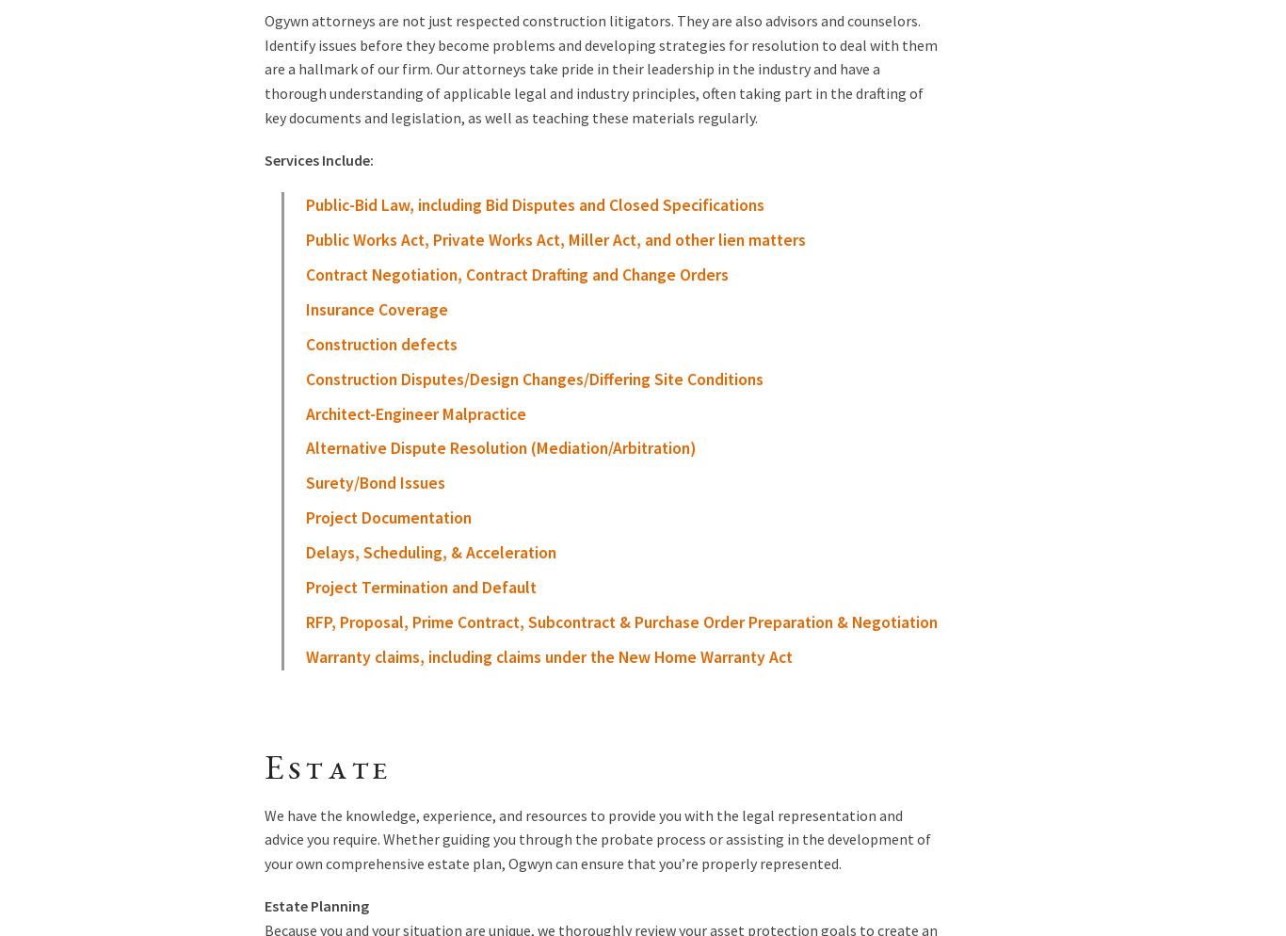 The height and width of the screenshot is (936, 1286). What do you see at coordinates (316, 904) in the screenshot?
I see `'Estate Planning'` at bounding box center [316, 904].